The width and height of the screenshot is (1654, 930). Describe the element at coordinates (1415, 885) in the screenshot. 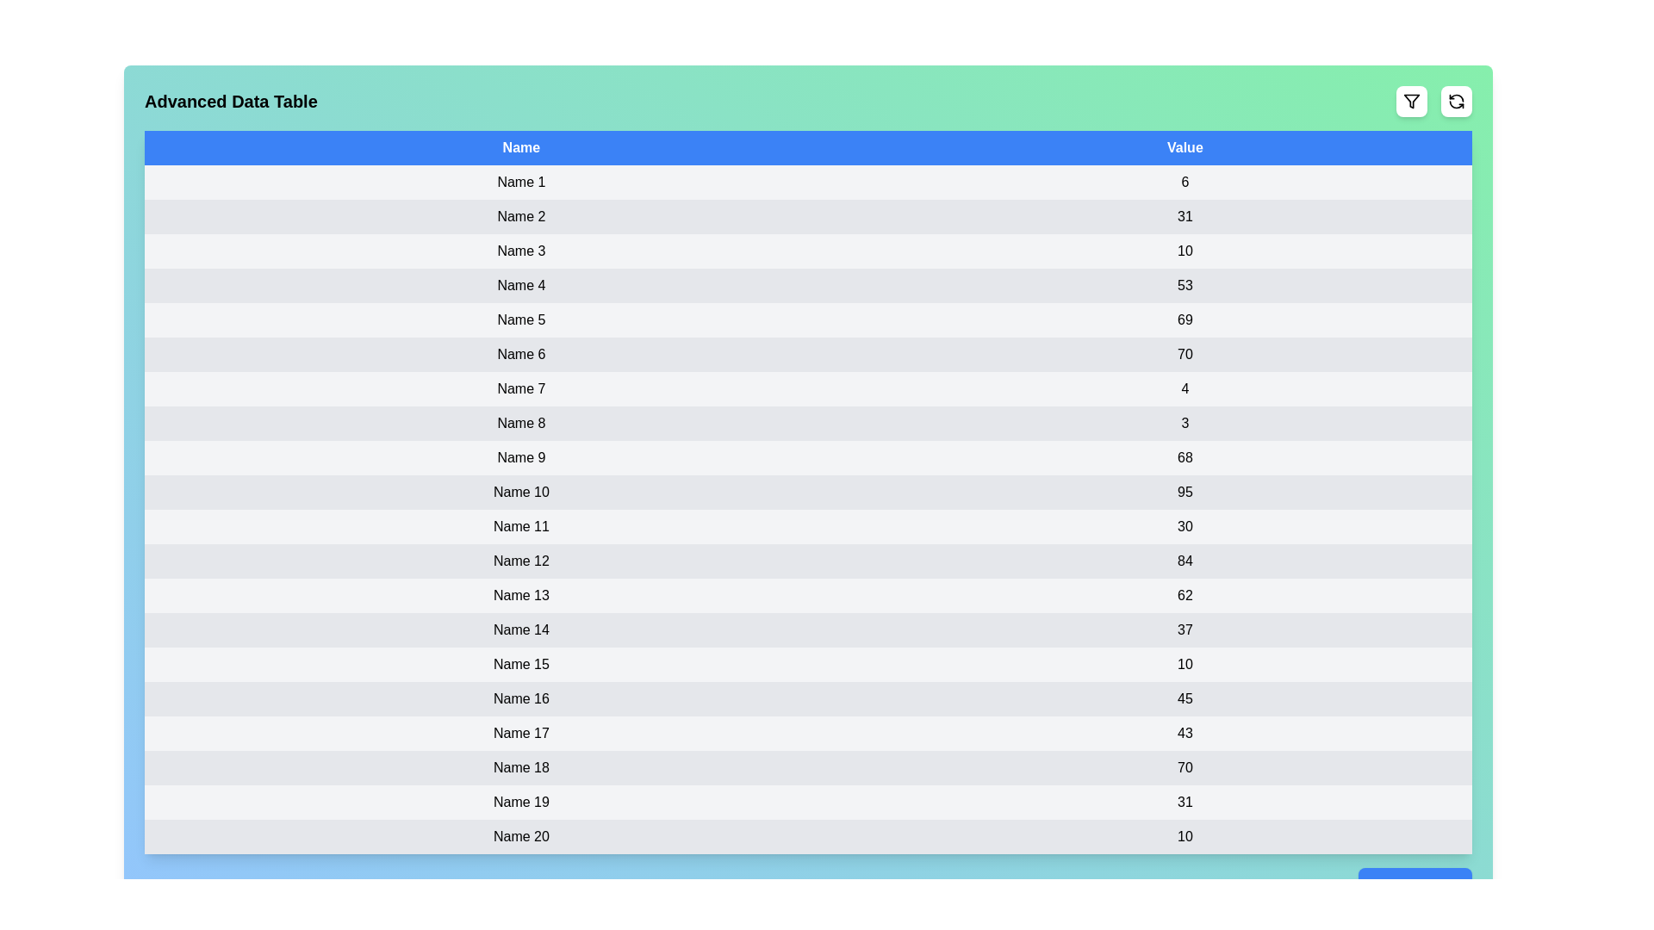

I see `the 'Export Data' button to initiate the data export process` at that location.